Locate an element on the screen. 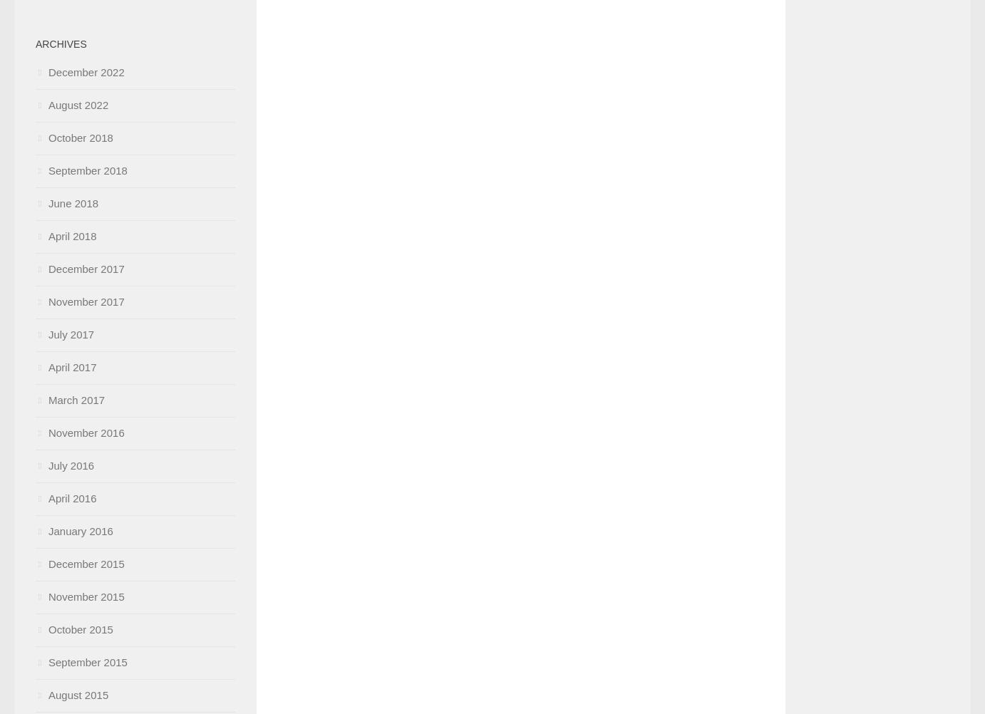 The width and height of the screenshot is (985, 714). 'November 2016' is located at coordinates (86, 432).